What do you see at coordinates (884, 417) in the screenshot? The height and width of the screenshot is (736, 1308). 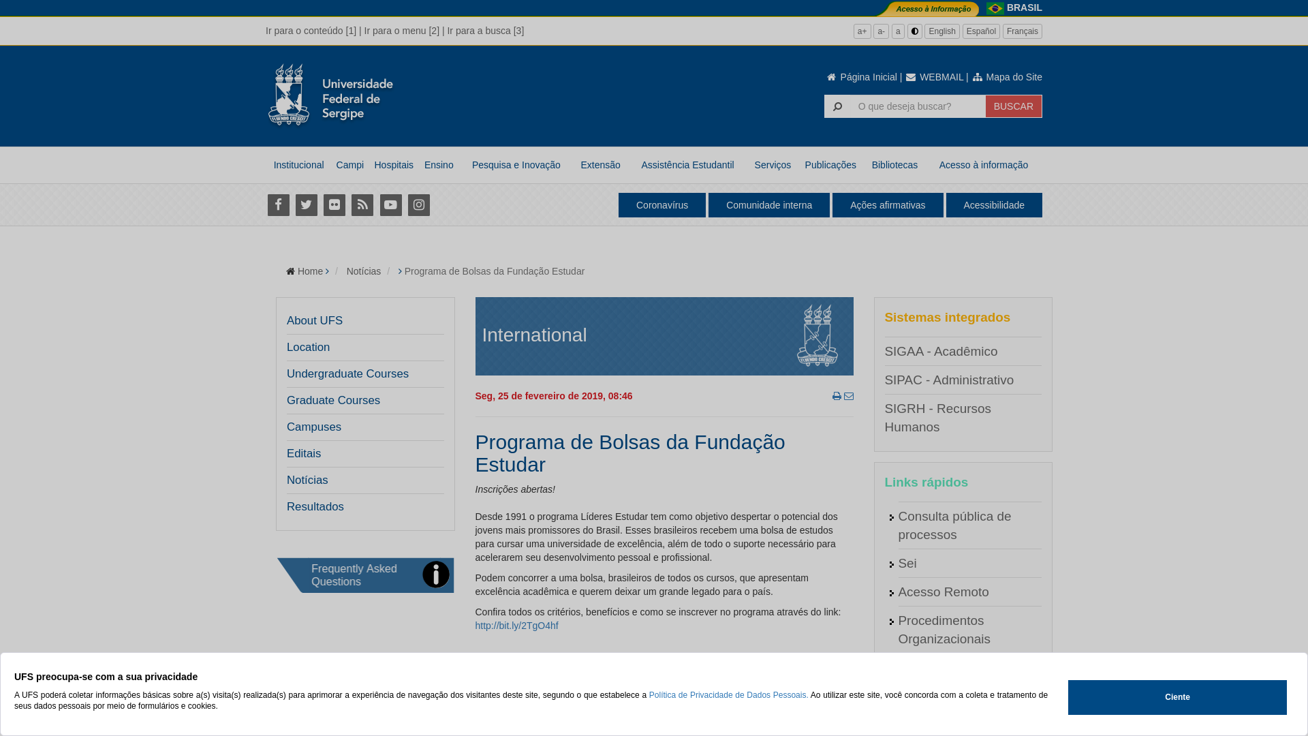 I see `'SIGRH - Recursos Humanos'` at bounding box center [884, 417].